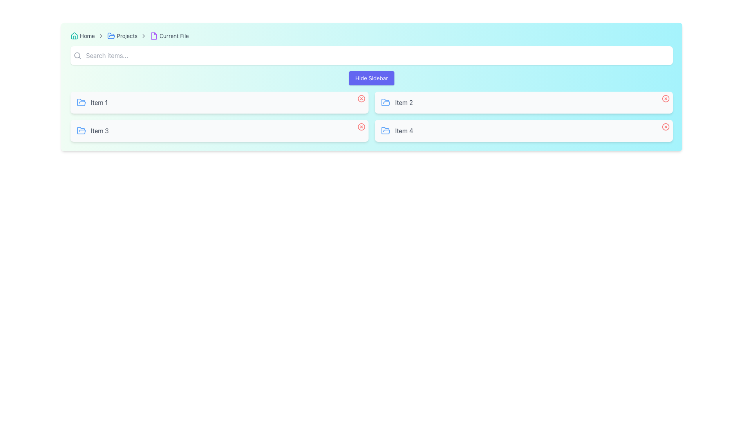  Describe the element at coordinates (404, 102) in the screenshot. I see `the Text label that identifies the specific item, located between a blue-colored folder icon and a red 'X' icon in the middle-right region of the interface` at that location.